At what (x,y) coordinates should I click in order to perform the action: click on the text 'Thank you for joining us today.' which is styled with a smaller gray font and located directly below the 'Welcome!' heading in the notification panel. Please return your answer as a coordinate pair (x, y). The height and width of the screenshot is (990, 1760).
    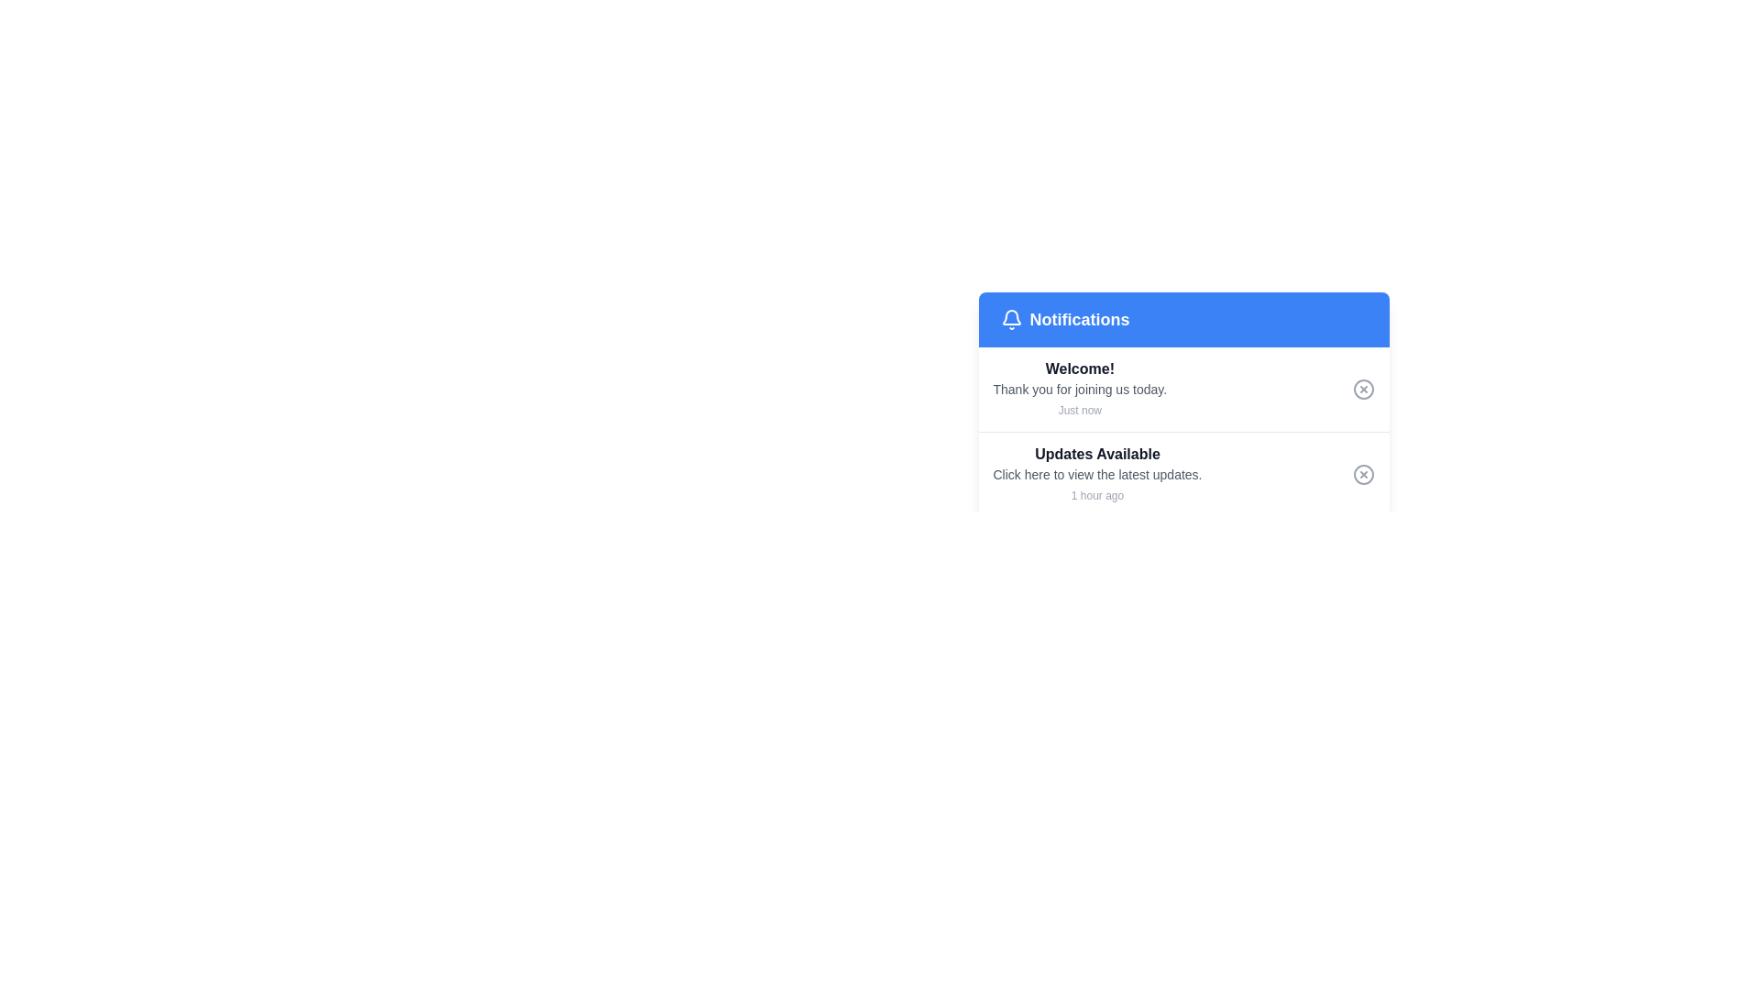
    Looking at the image, I should click on (1080, 388).